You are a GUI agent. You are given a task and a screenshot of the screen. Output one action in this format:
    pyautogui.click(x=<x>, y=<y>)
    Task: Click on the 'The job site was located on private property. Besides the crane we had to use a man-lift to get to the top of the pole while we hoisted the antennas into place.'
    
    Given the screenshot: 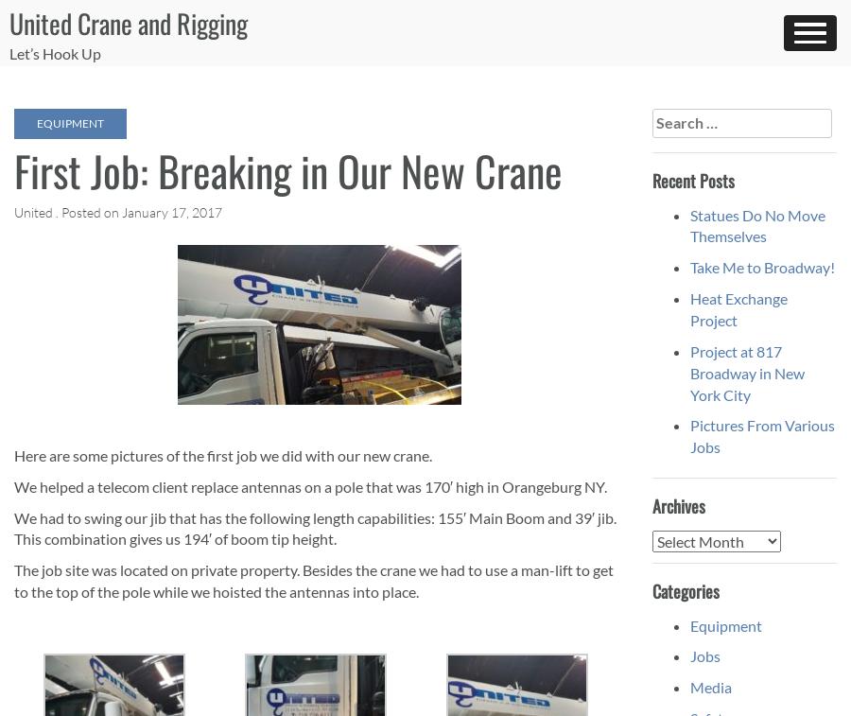 What is the action you would take?
    pyautogui.click(x=313, y=581)
    